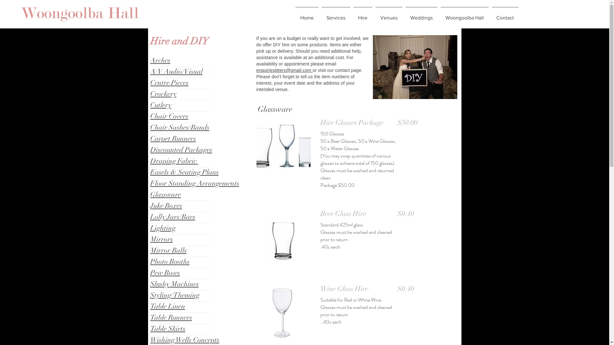  What do you see at coordinates (150, 194) in the screenshot?
I see `'Glassware'` at bounding box center [150, 194].